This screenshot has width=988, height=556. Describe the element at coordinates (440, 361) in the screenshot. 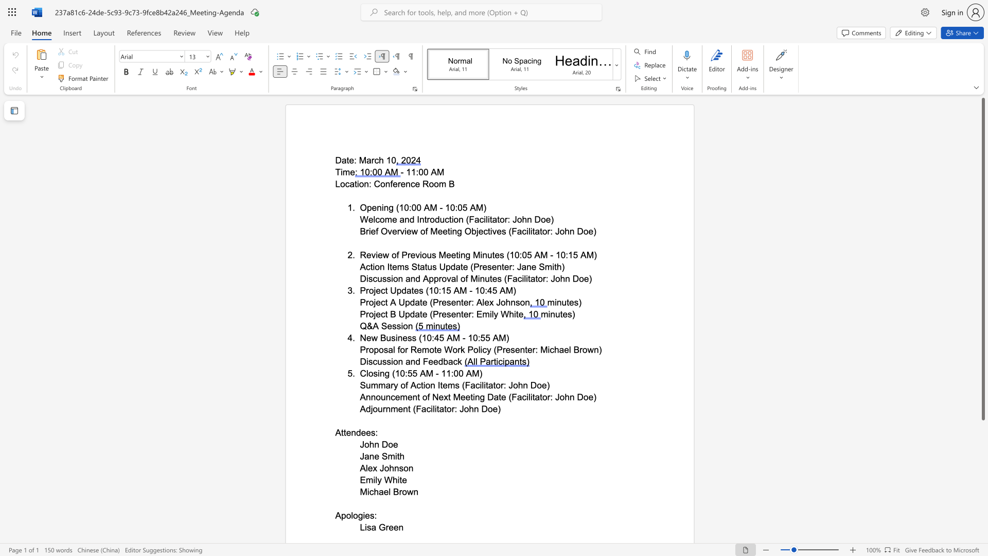

I see `the 2th character "d" in the text` at that location.